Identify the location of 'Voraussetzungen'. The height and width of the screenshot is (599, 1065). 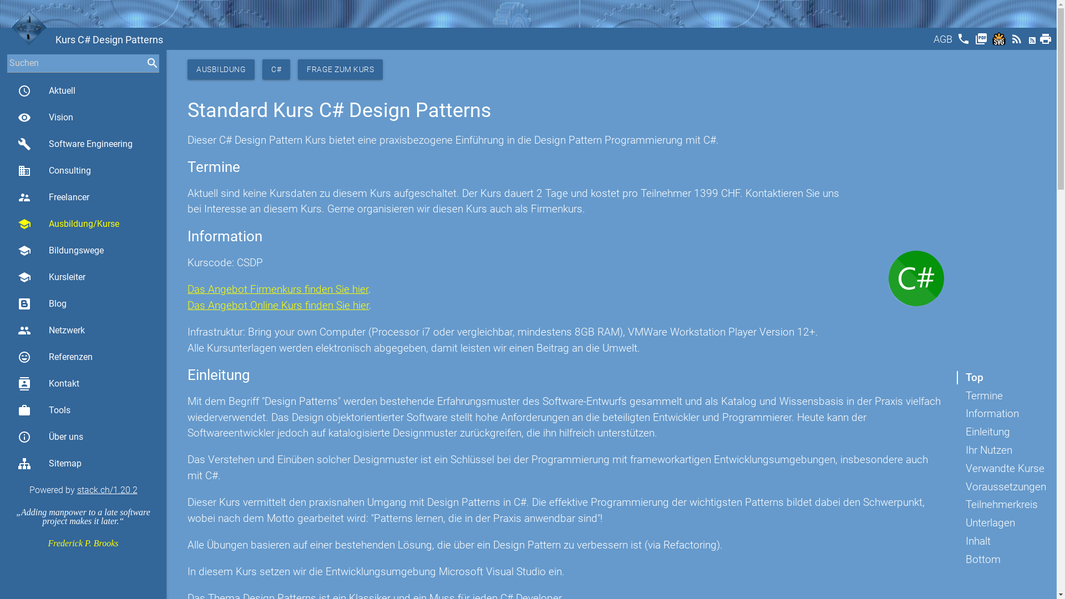
(1001, 486).